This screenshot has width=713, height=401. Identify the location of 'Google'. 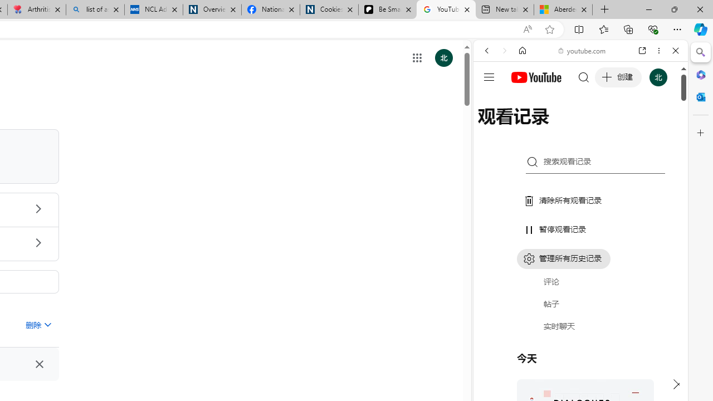
(580, 276).